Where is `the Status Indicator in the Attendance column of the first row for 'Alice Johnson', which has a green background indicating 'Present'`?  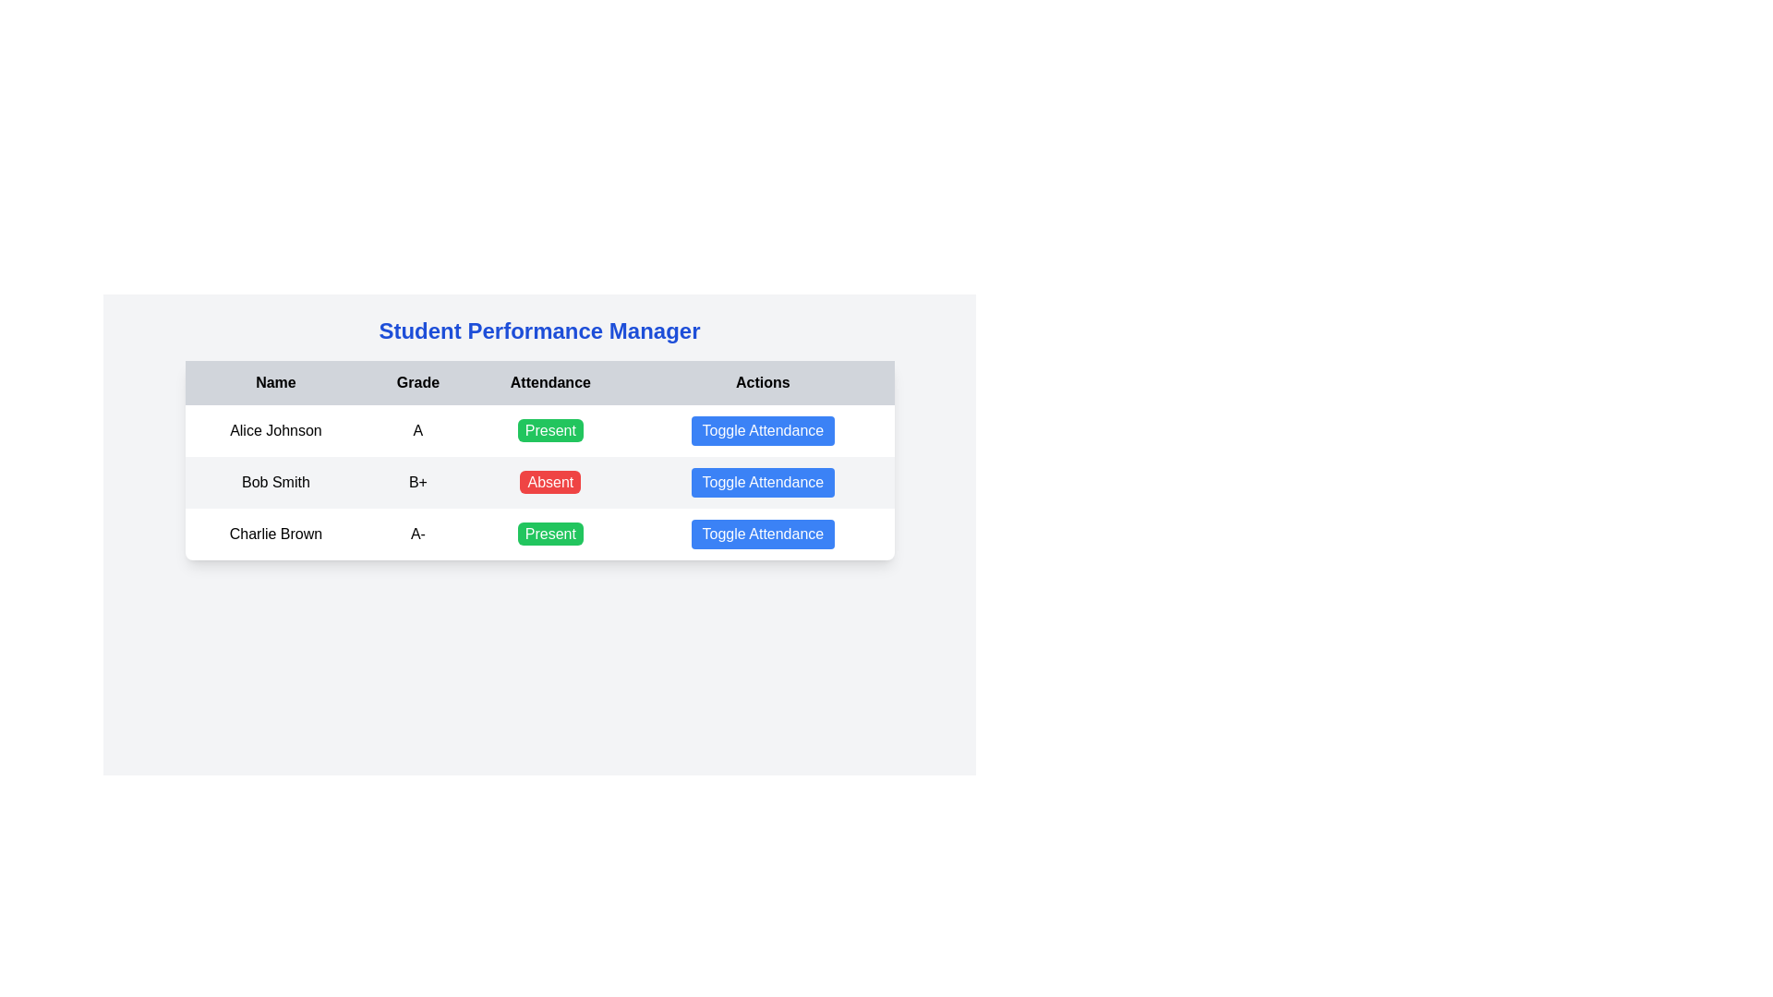 the Status Indicator in the Attendance column of the first row for 'Alice Johnson', which has a green background indicating 'Present' is located at coordinates (549, 430).